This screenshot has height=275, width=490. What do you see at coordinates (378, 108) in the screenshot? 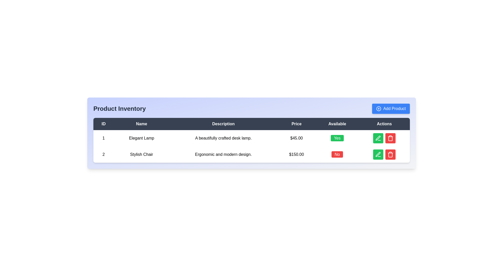
I see `the decorative circle icon that is part of the 'Add Product' button located in the top-right section of the interface header` at bounding box center [378, 108].